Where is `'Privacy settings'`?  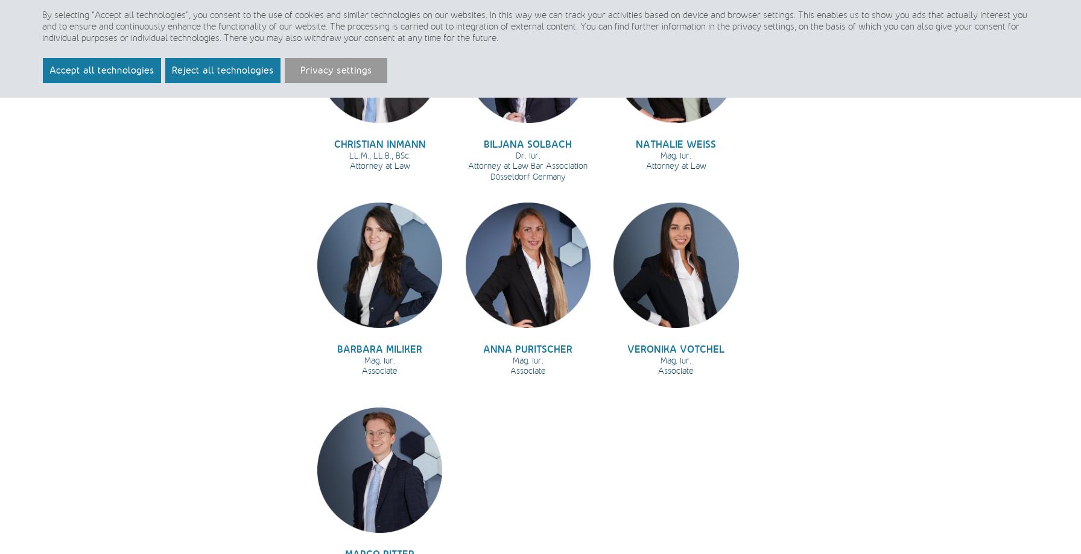
'Privacy settings' is located at coordinates (335, 69).